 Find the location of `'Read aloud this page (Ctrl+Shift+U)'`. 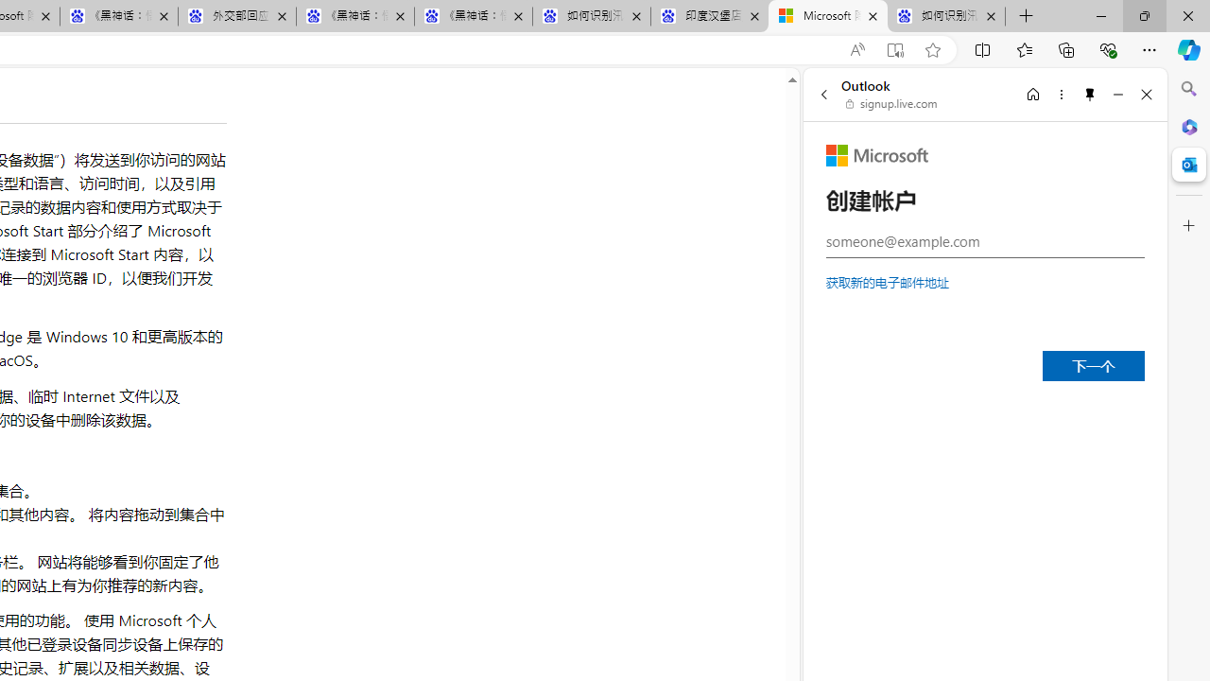

'Read aloud this page (Ctrl+Shift+U)' is located at coordinates (856, 49).